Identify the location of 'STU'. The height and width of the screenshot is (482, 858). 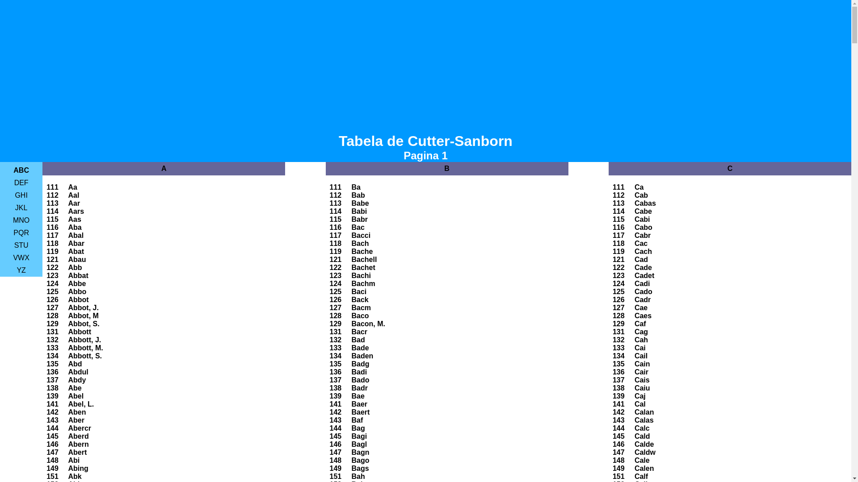
(14, 245).